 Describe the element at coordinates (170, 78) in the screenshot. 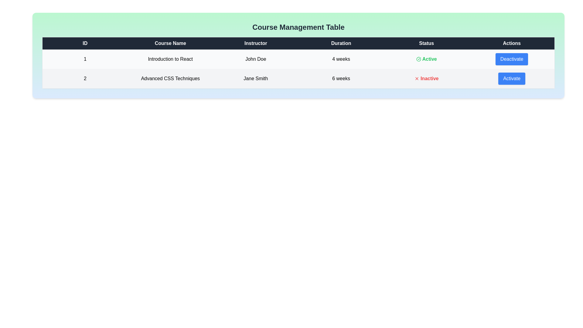

I see `the static text label representing the course name located in the second row of the course management table, positioned between the 'ID' column and the column displaying 'Jane Smith'` at that location.